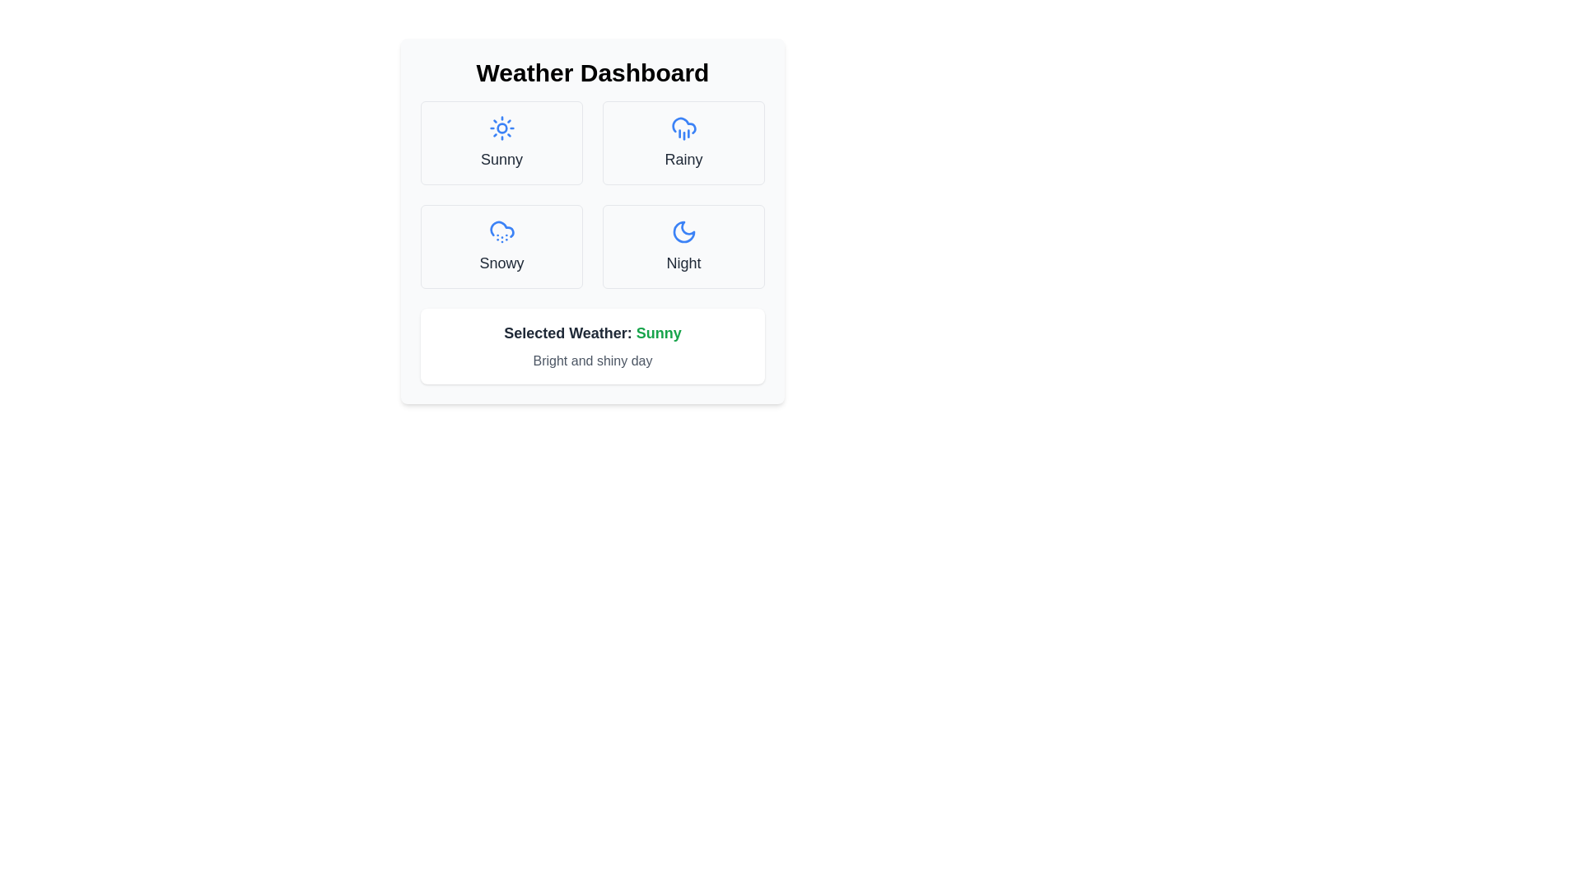 The height and width of the screenshot is (889, 1581). What do you see at coordinates (501, 247) in the screenshot?
I see `the 'Snowy' button located at the bottom-left of the grid layout` at bounding box center [501, 247].